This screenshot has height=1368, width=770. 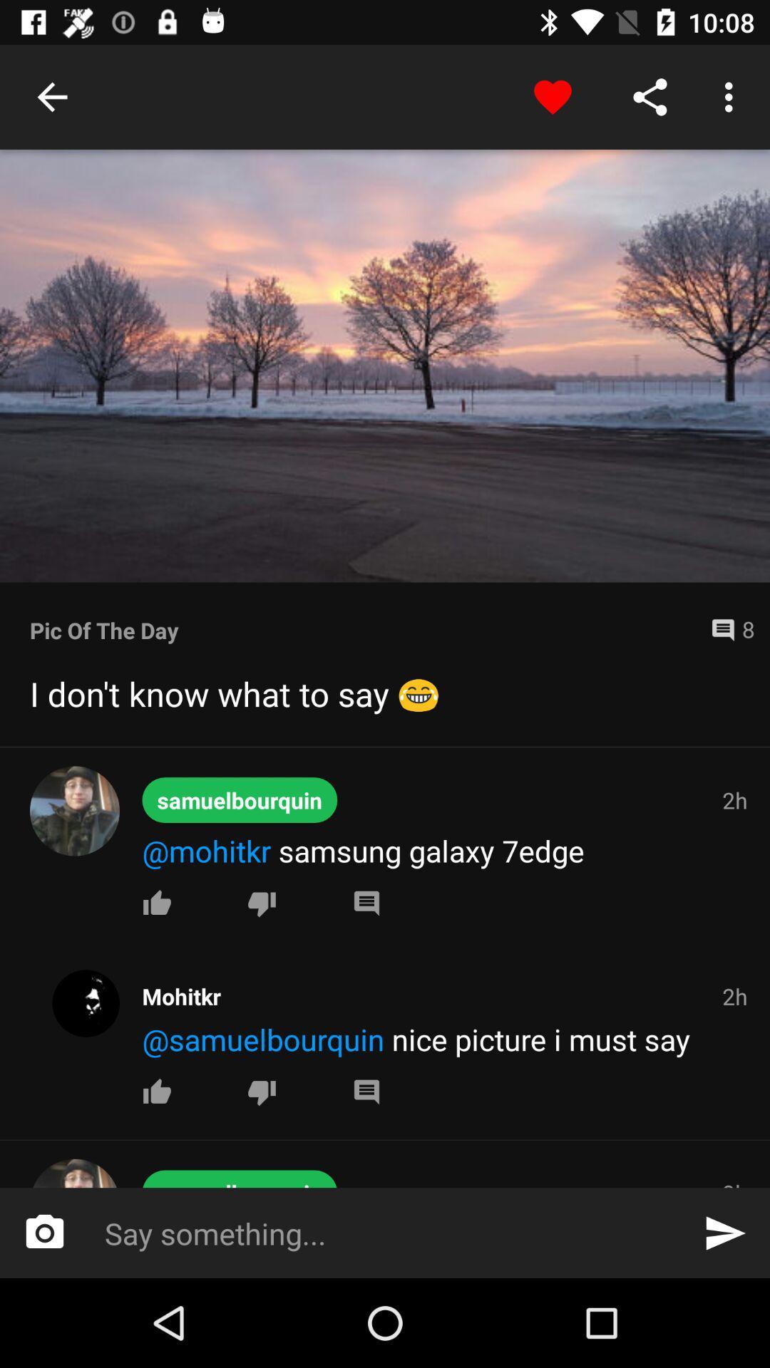 I want to click on item at the top left corner, so click(x=51, y=96).